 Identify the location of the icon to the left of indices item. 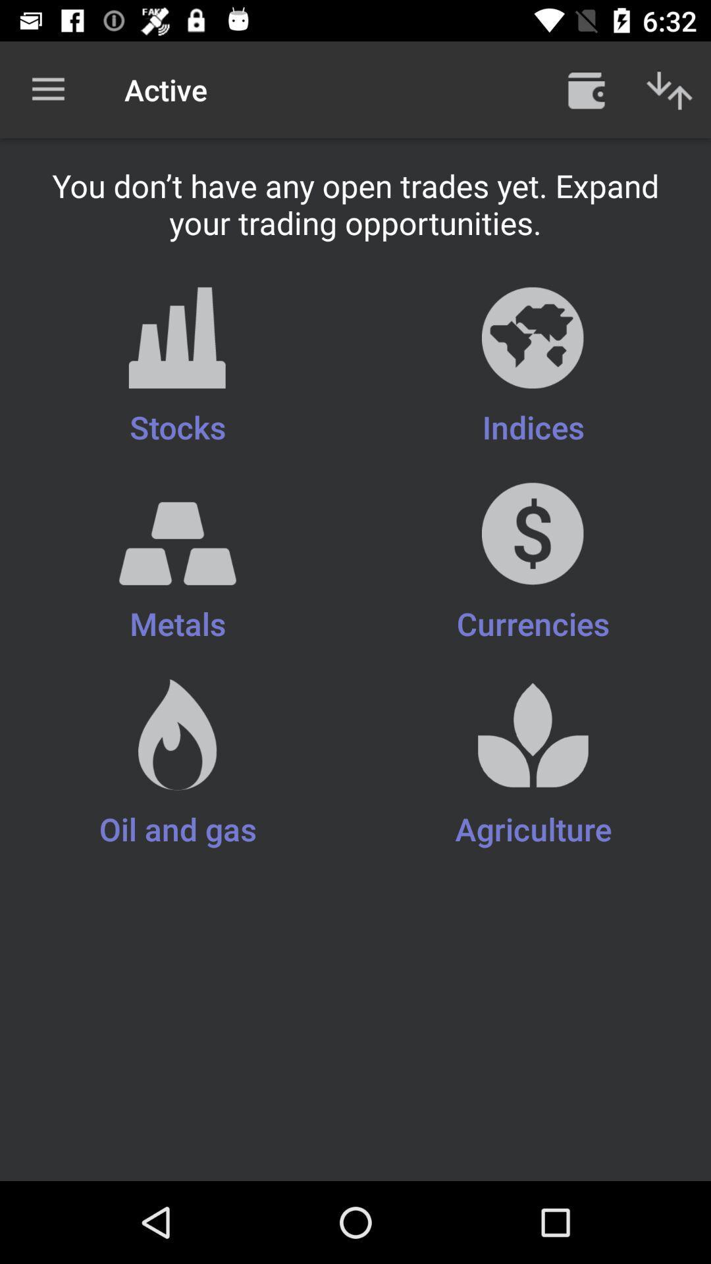
(178, 367).